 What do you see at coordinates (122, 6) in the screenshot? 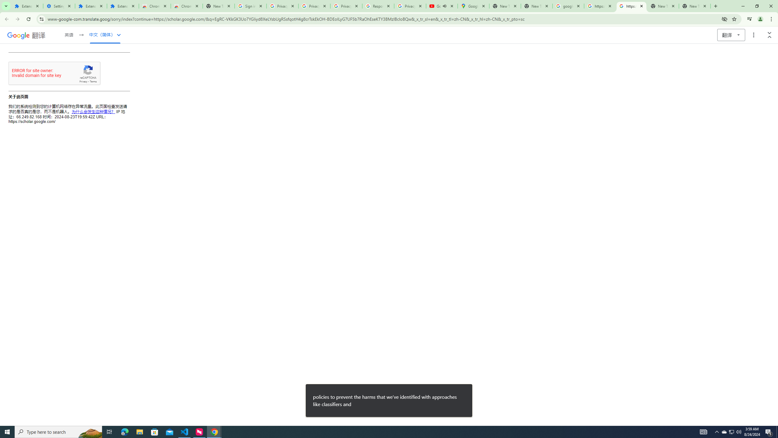
I see `'Extensions'` at bounding box center [122, 6].